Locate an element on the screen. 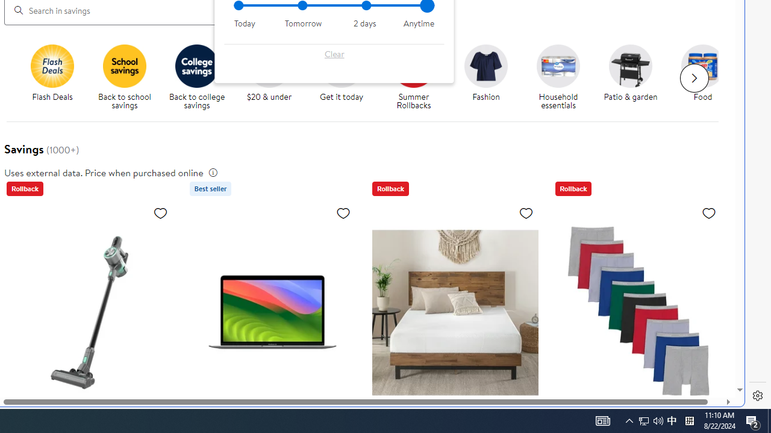 This screenshot has height=433, width=771. 'Back to school savings' is located at coordinates (130, 78).